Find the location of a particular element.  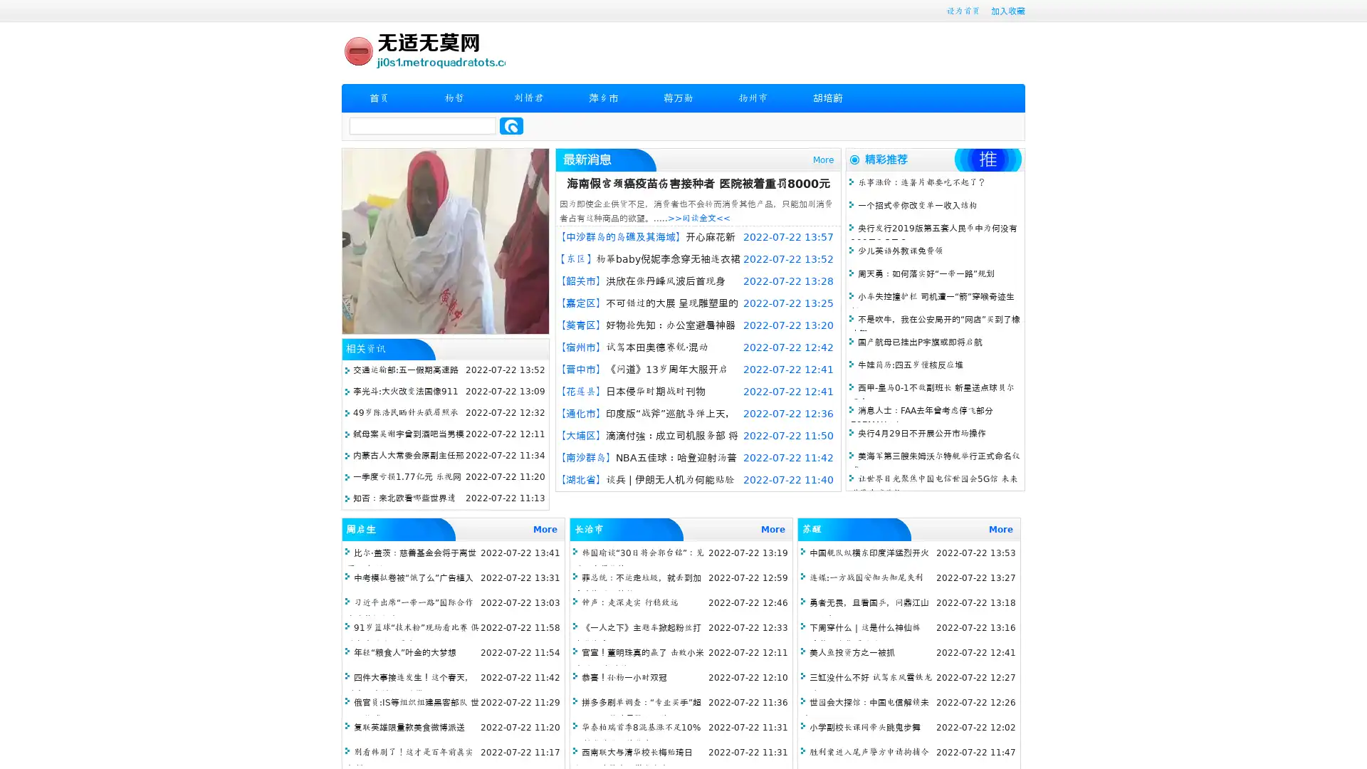

Search is located at coordinates (511, 125).